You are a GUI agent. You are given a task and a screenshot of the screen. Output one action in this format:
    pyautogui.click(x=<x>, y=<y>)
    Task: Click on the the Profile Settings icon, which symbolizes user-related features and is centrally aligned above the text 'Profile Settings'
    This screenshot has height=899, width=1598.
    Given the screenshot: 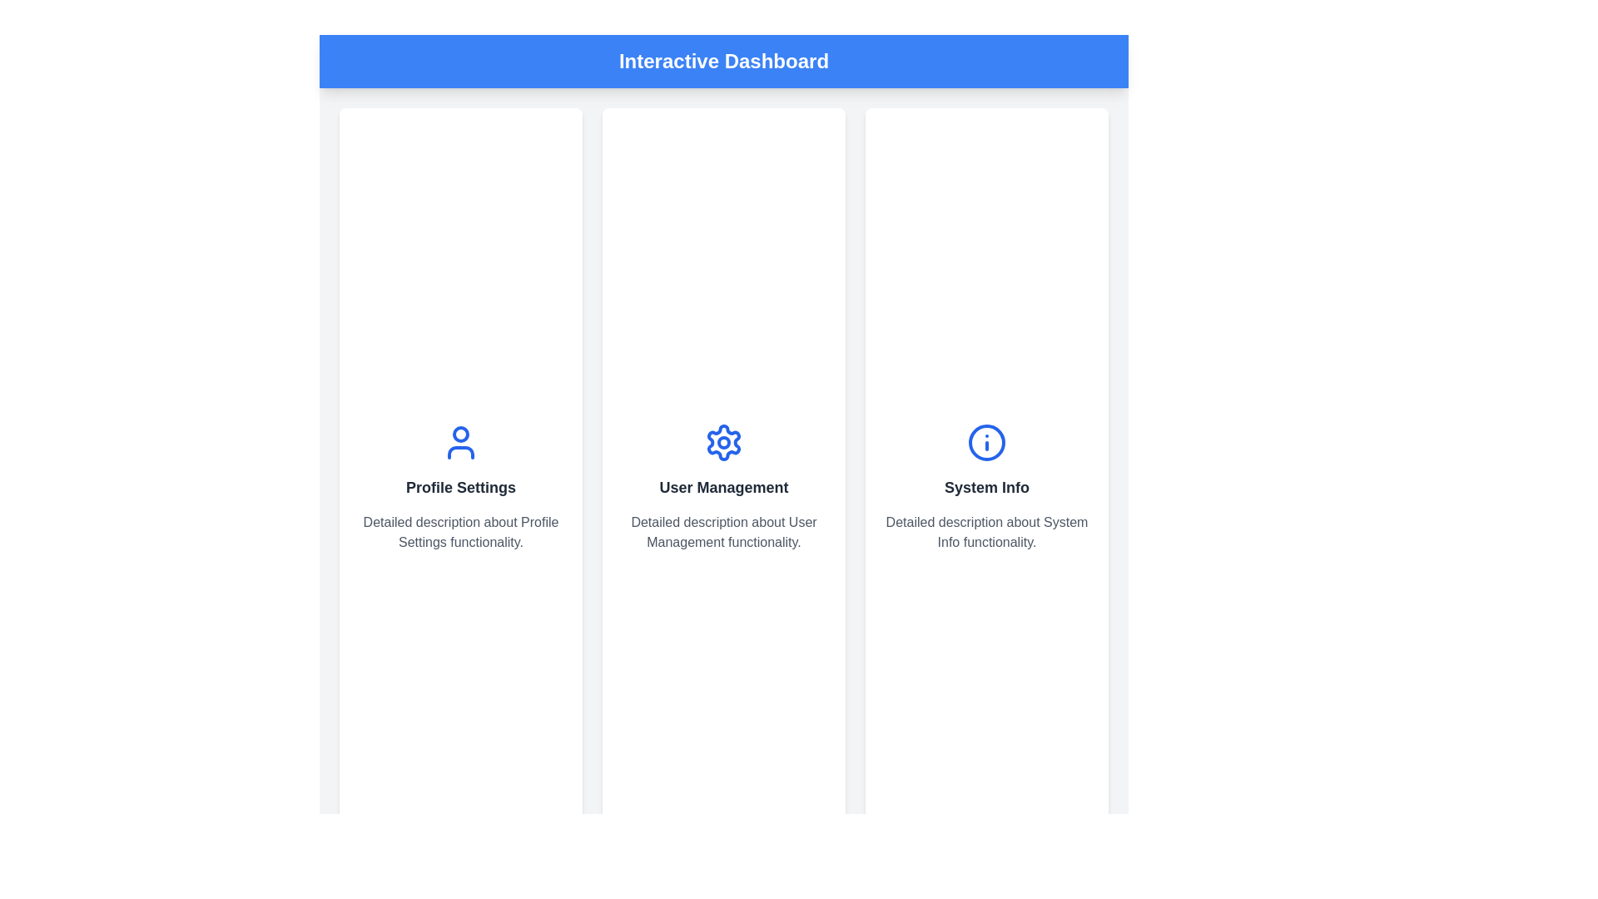 What is the action you would take?
    pyautogui.click(x=460, y=442)
    